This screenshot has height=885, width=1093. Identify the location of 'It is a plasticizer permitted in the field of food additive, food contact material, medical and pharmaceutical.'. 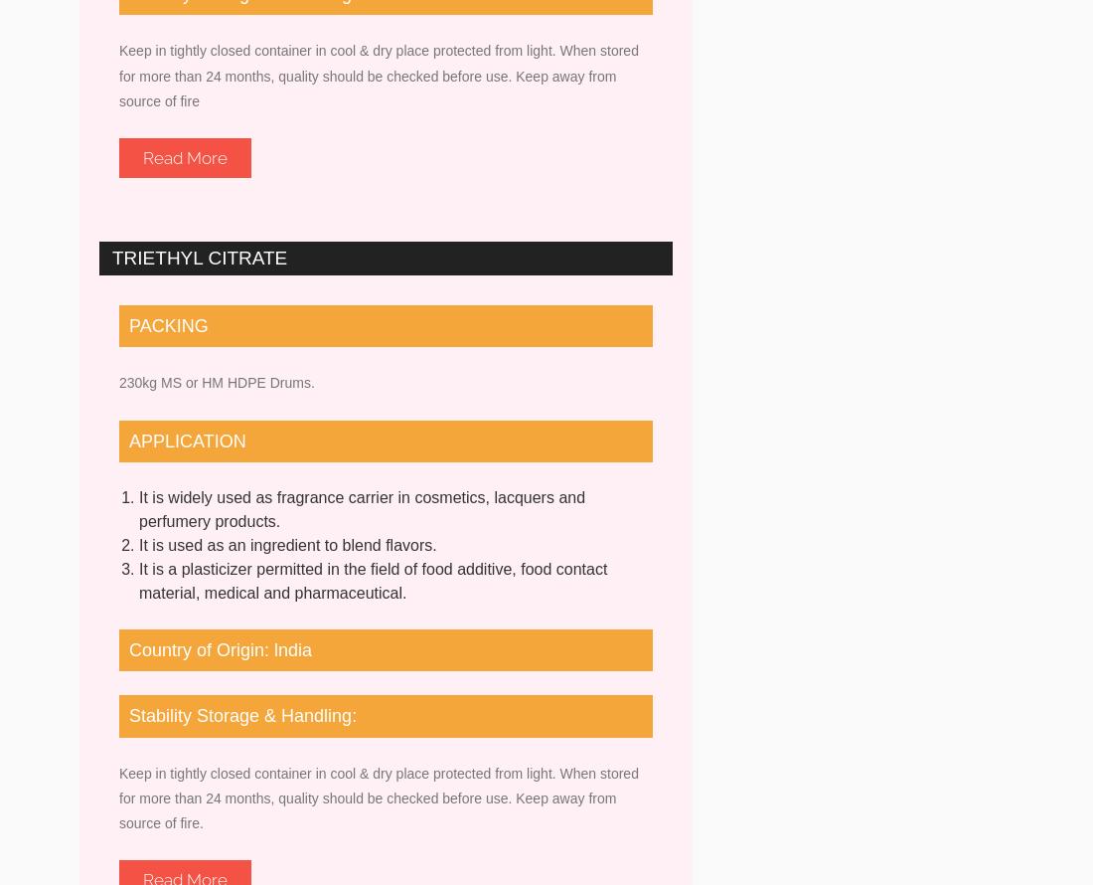
(138, 579).